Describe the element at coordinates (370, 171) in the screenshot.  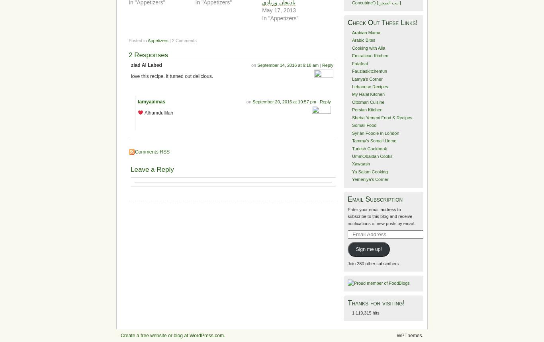
I see `'Ya Salam Cooking'` at that location.